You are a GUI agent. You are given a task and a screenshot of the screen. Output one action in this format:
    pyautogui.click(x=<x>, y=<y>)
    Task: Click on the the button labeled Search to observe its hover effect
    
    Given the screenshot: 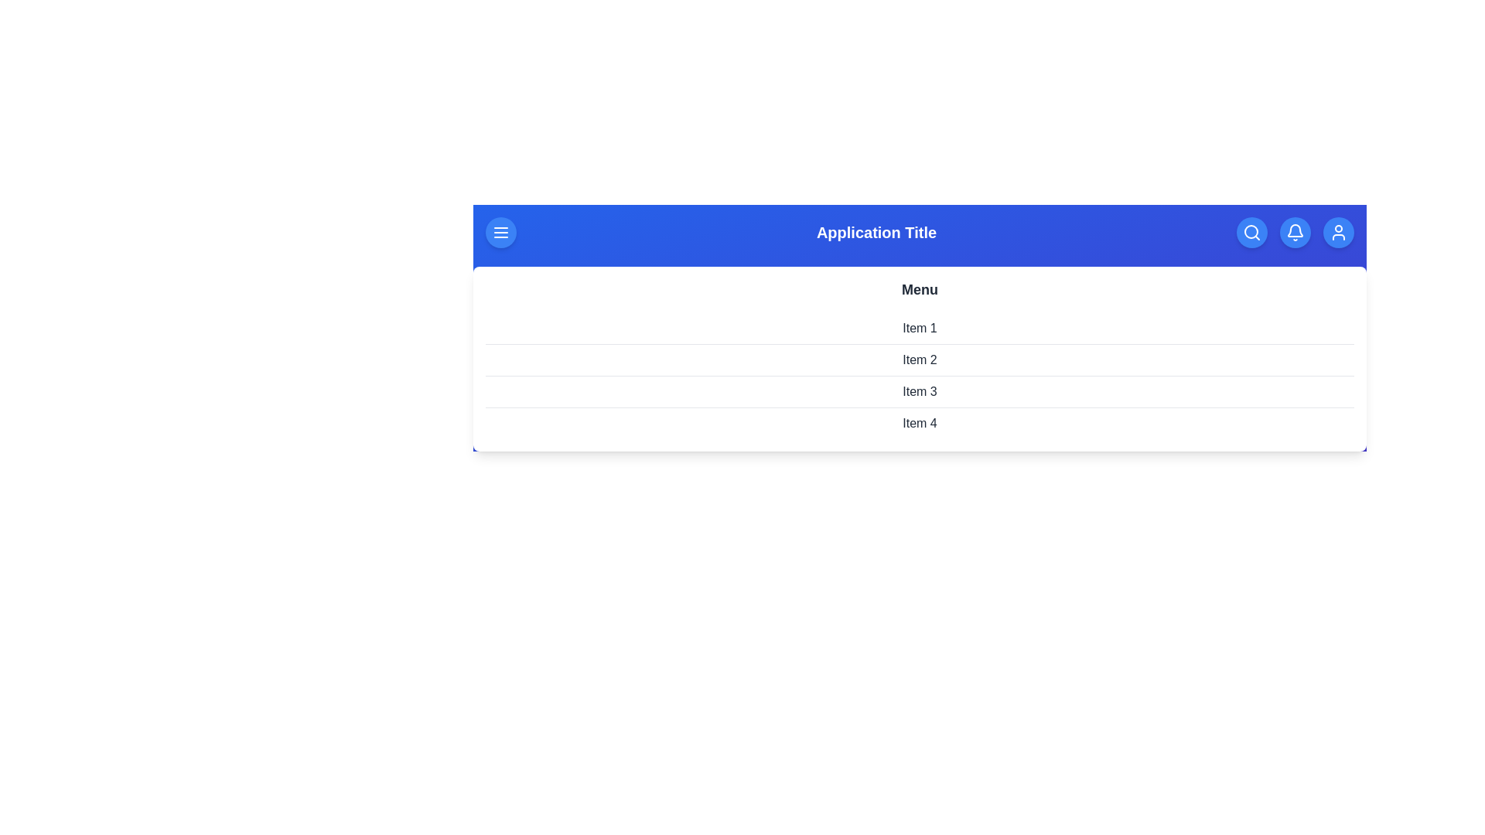 What is the action you would take?
    pyautogui.click(x=1251, y=232)
    